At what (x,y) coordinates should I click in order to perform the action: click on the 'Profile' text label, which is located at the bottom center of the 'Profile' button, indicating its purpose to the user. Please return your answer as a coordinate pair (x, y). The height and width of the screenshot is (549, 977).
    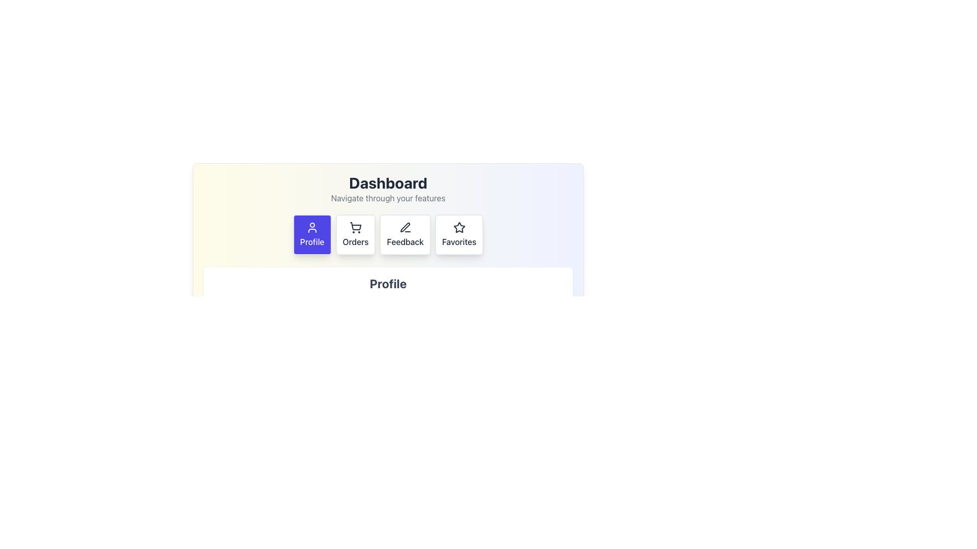
    Looking at the image, I should click on (311, 241).